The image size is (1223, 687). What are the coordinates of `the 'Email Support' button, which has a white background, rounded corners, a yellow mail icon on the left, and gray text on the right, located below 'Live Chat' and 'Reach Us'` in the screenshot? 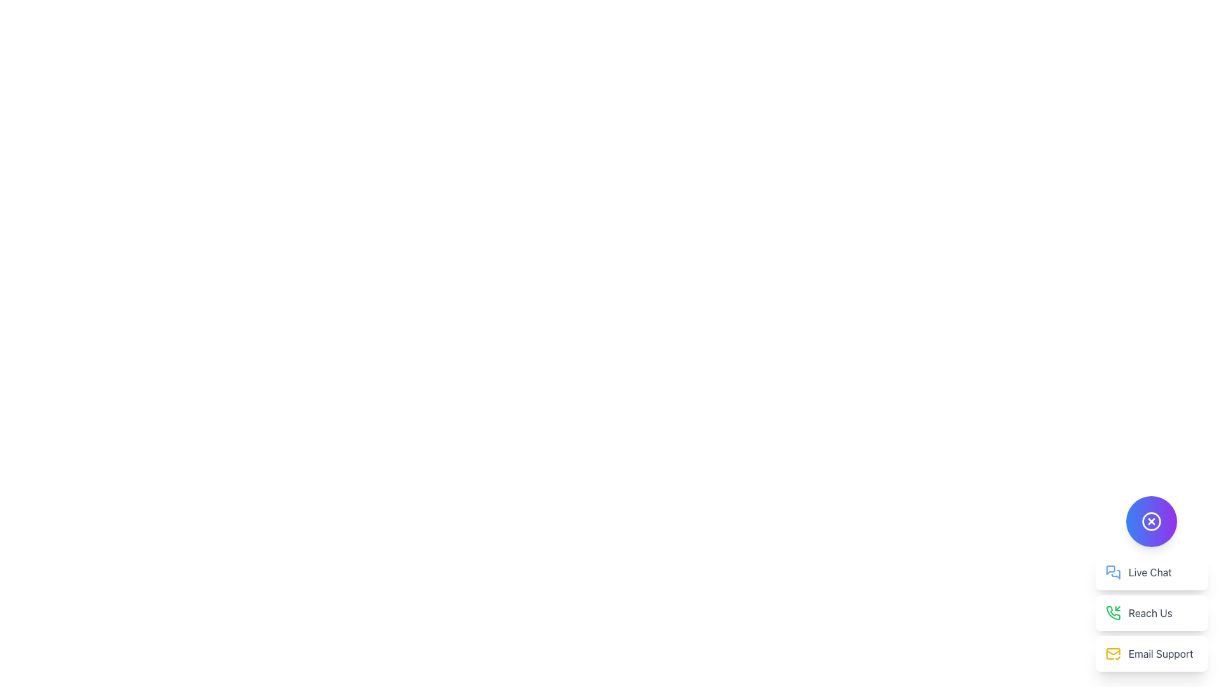 It's located at (1152, 654).